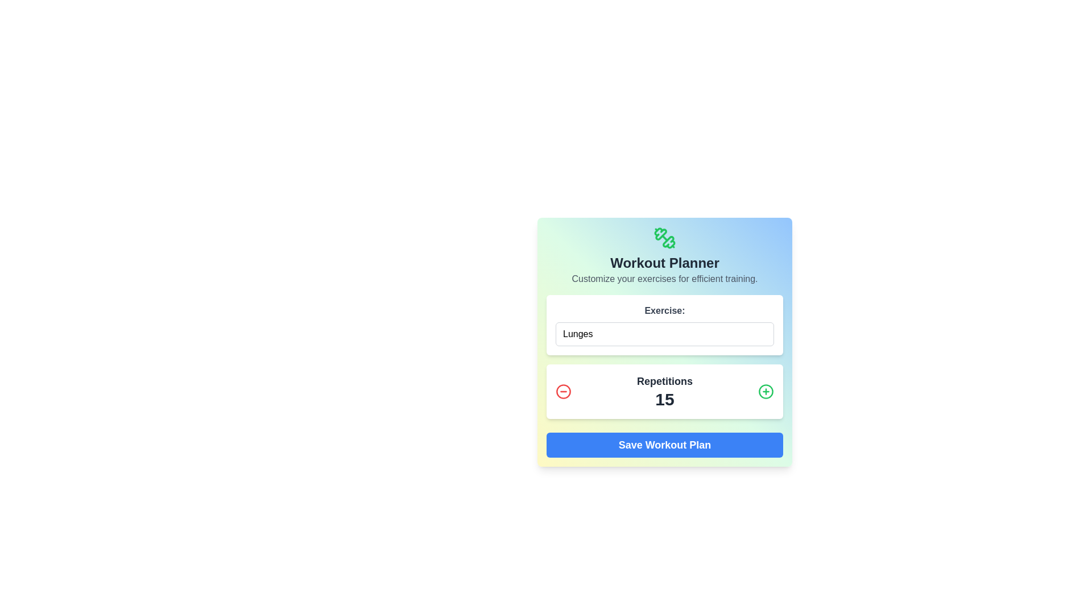 The width and height of the screenshot is (1092, 614). What do you see at coordinates (665, 279) in the screenshot?
I see `text snippet styled in gray color with the content 'Customize your exercises for efficient training.' located below the heading 'Workout Planner.'` at bounding box center [665, 279].